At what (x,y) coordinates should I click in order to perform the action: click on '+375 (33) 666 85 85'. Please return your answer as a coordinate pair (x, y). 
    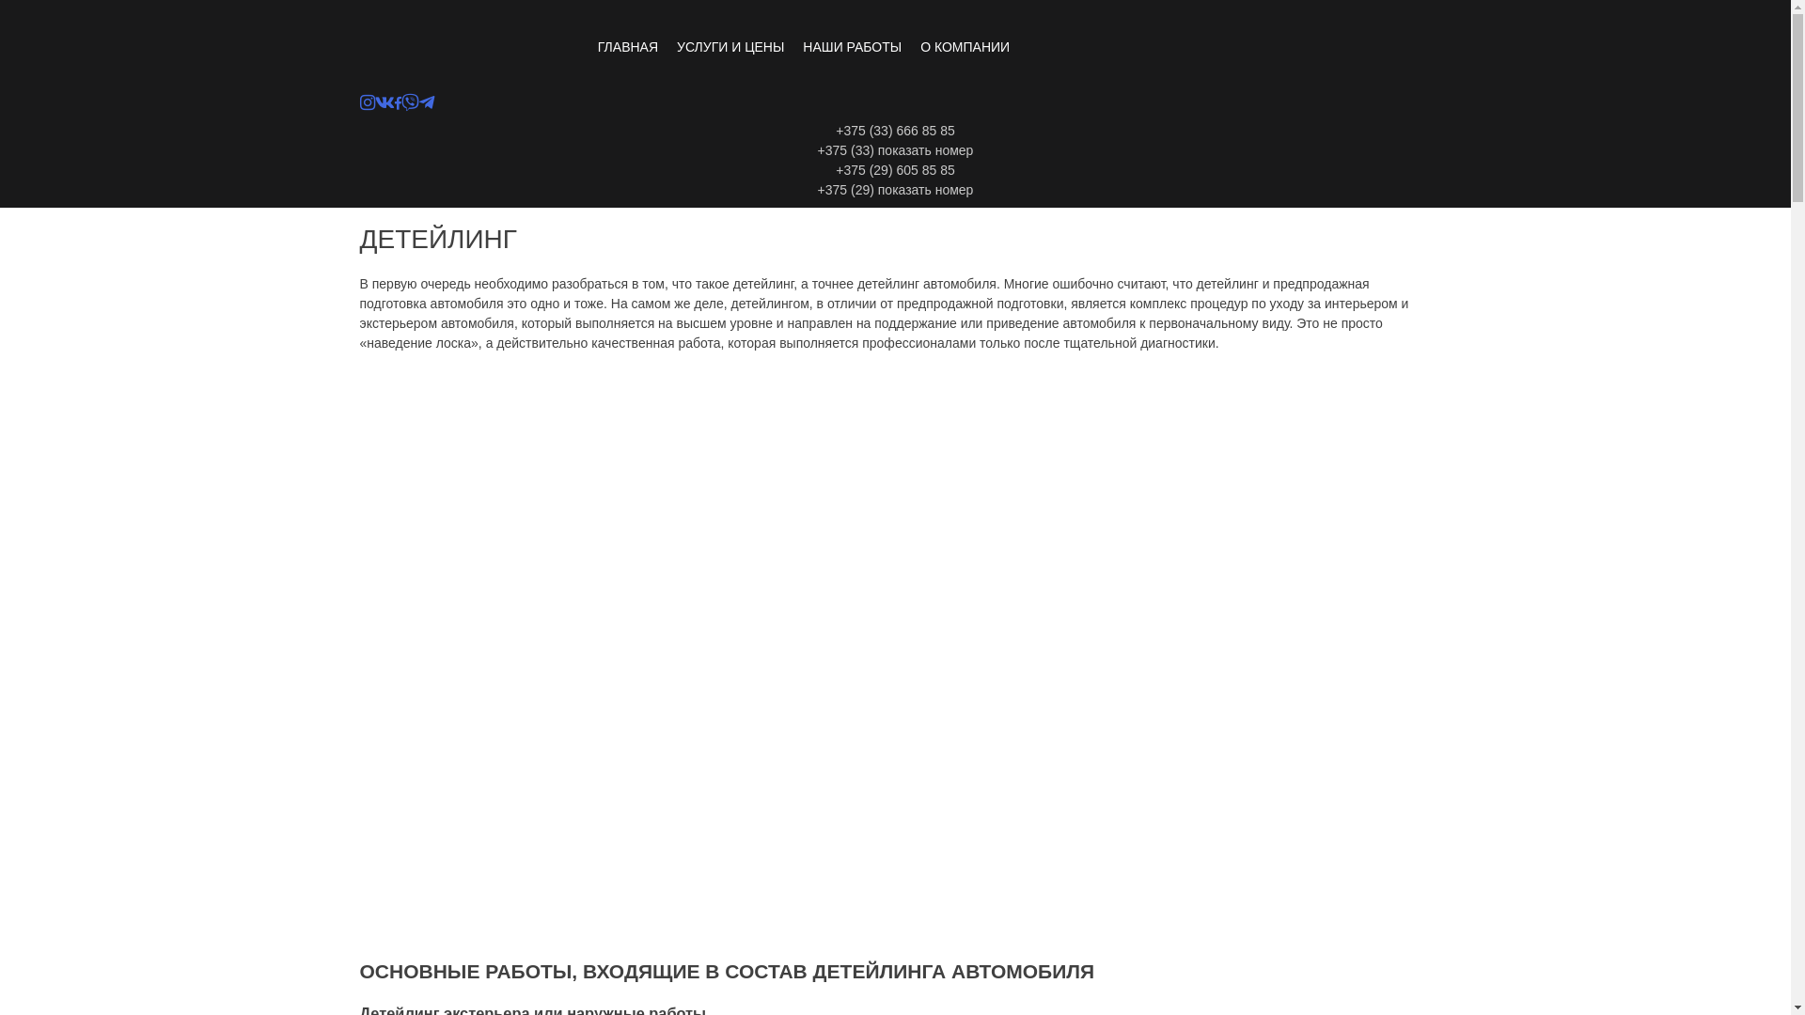
    Looking at the image, I should click on (894, 130).